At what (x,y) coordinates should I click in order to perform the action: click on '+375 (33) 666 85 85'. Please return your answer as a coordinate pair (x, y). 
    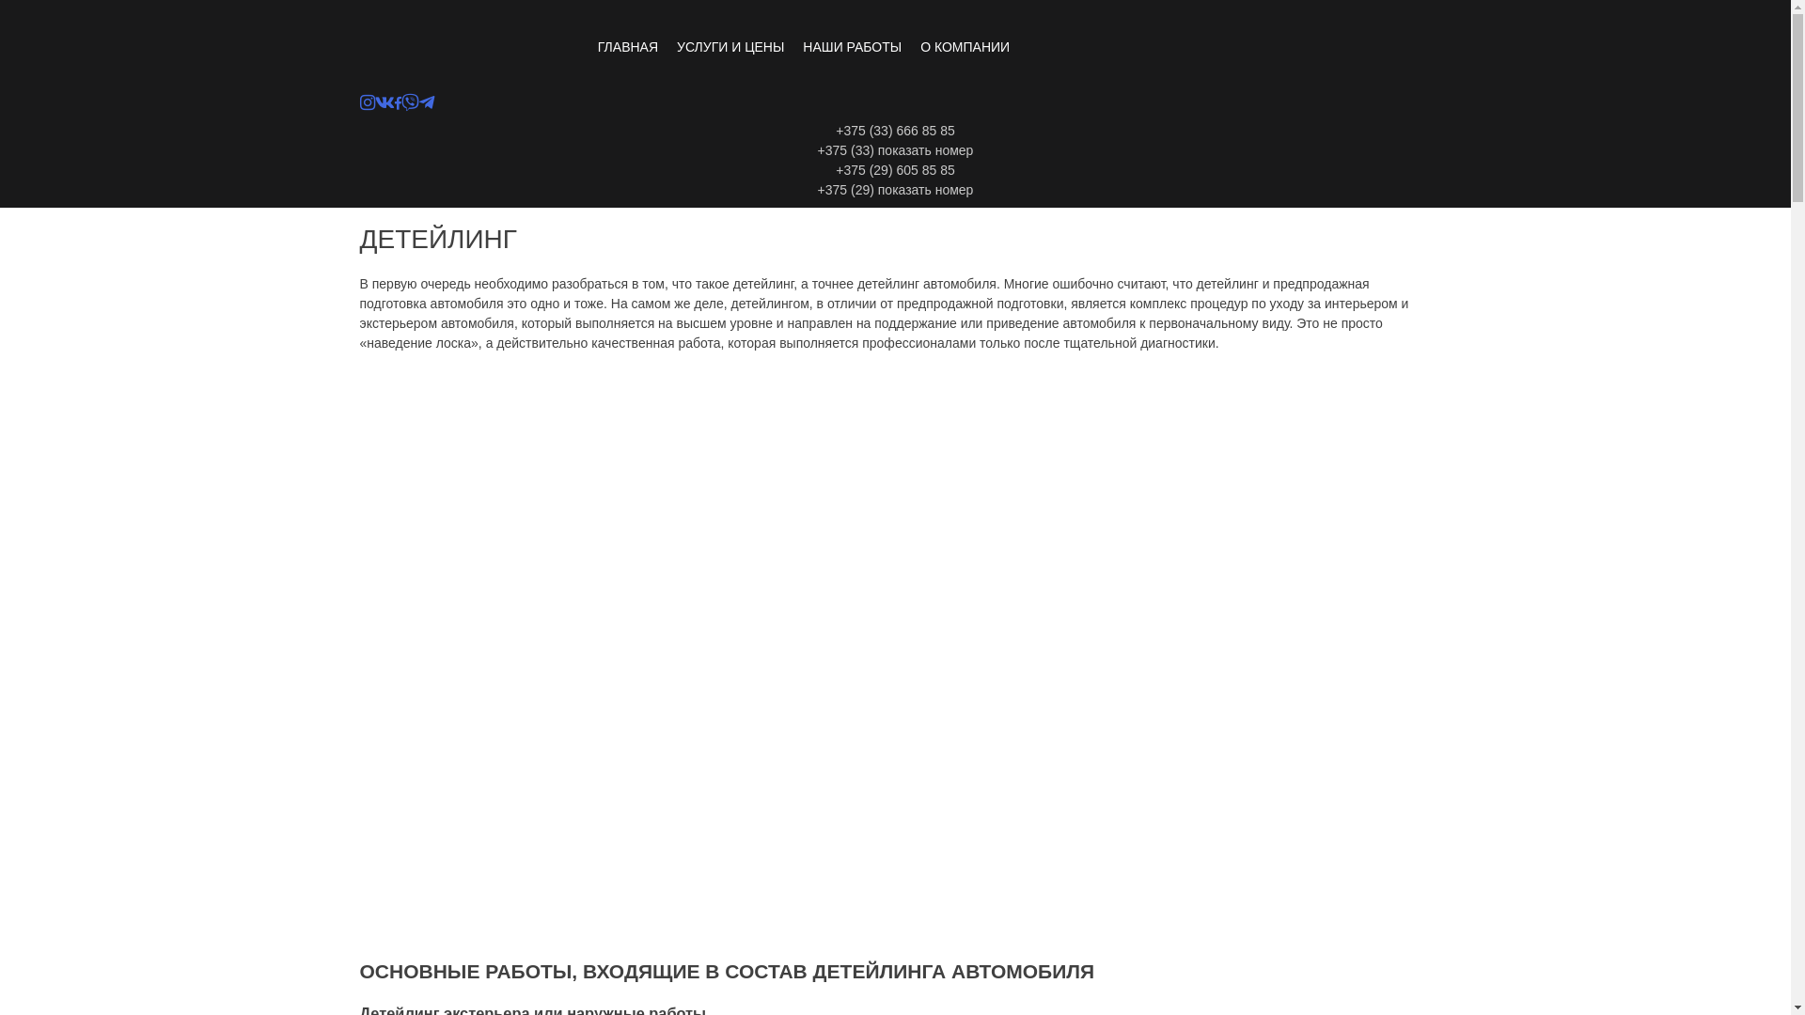
    Looking at the image, I should click on (894, 130).